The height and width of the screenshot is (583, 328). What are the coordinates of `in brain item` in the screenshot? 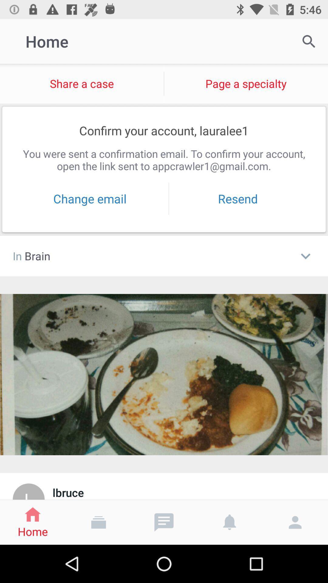 It's located at (152, 256).